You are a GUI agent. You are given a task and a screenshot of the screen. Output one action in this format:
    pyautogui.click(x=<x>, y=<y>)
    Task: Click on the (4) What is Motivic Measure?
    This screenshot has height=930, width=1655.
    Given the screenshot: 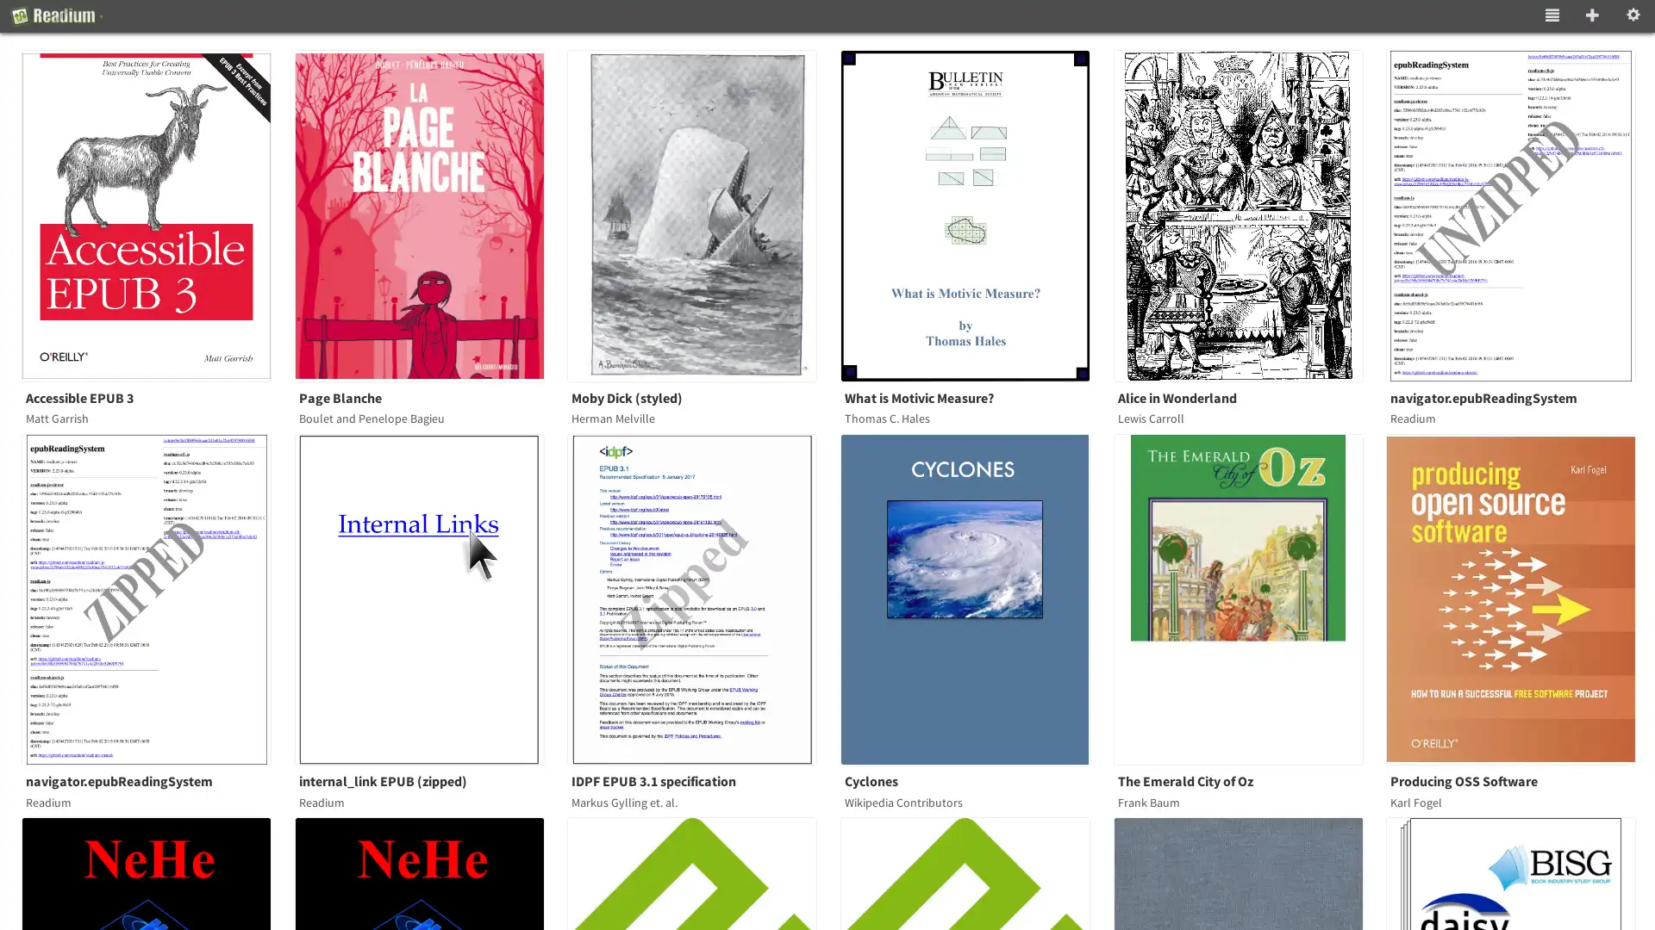 What is the action you would take?
    pyautogui.click(x=976, y=214)
    